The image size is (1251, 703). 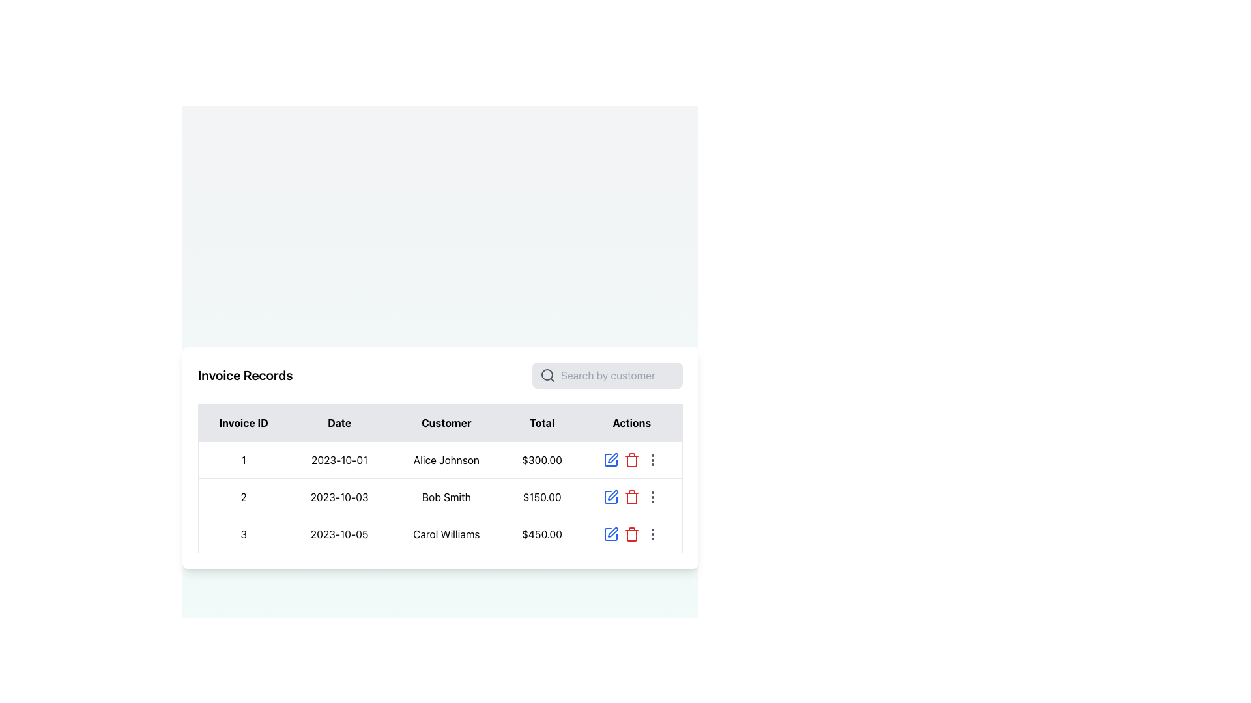 What do you see at coordinates (440, 459) in the screenshot?
I see `data presented in the first row of the 'Invoice Records' table, which displays invoice information including ID, date, customer name, and total amount` at bounding box center [440, 459].